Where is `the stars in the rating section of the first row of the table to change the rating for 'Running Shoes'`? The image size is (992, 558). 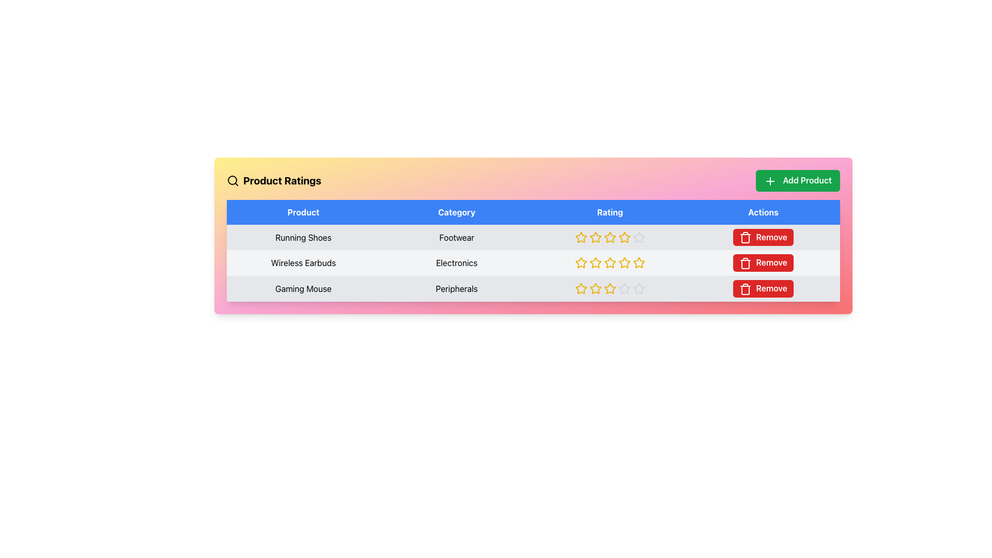 the stars in the rating section of the first row of the table to change the rating for 'Running Shoes' is located at coordinates (533, 237).